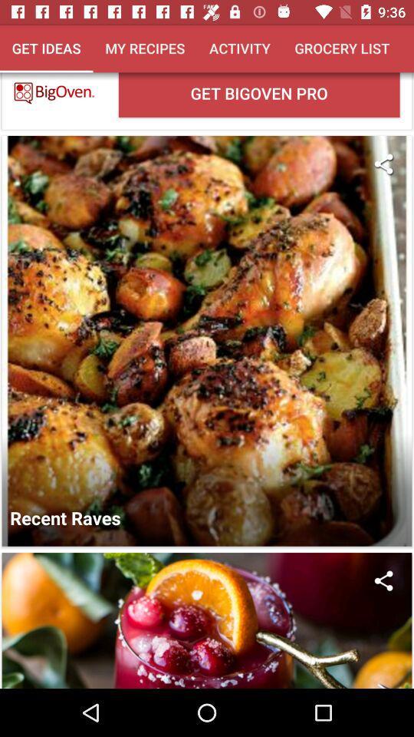  I want to click on get bigoven pro item, so click(258, 94).